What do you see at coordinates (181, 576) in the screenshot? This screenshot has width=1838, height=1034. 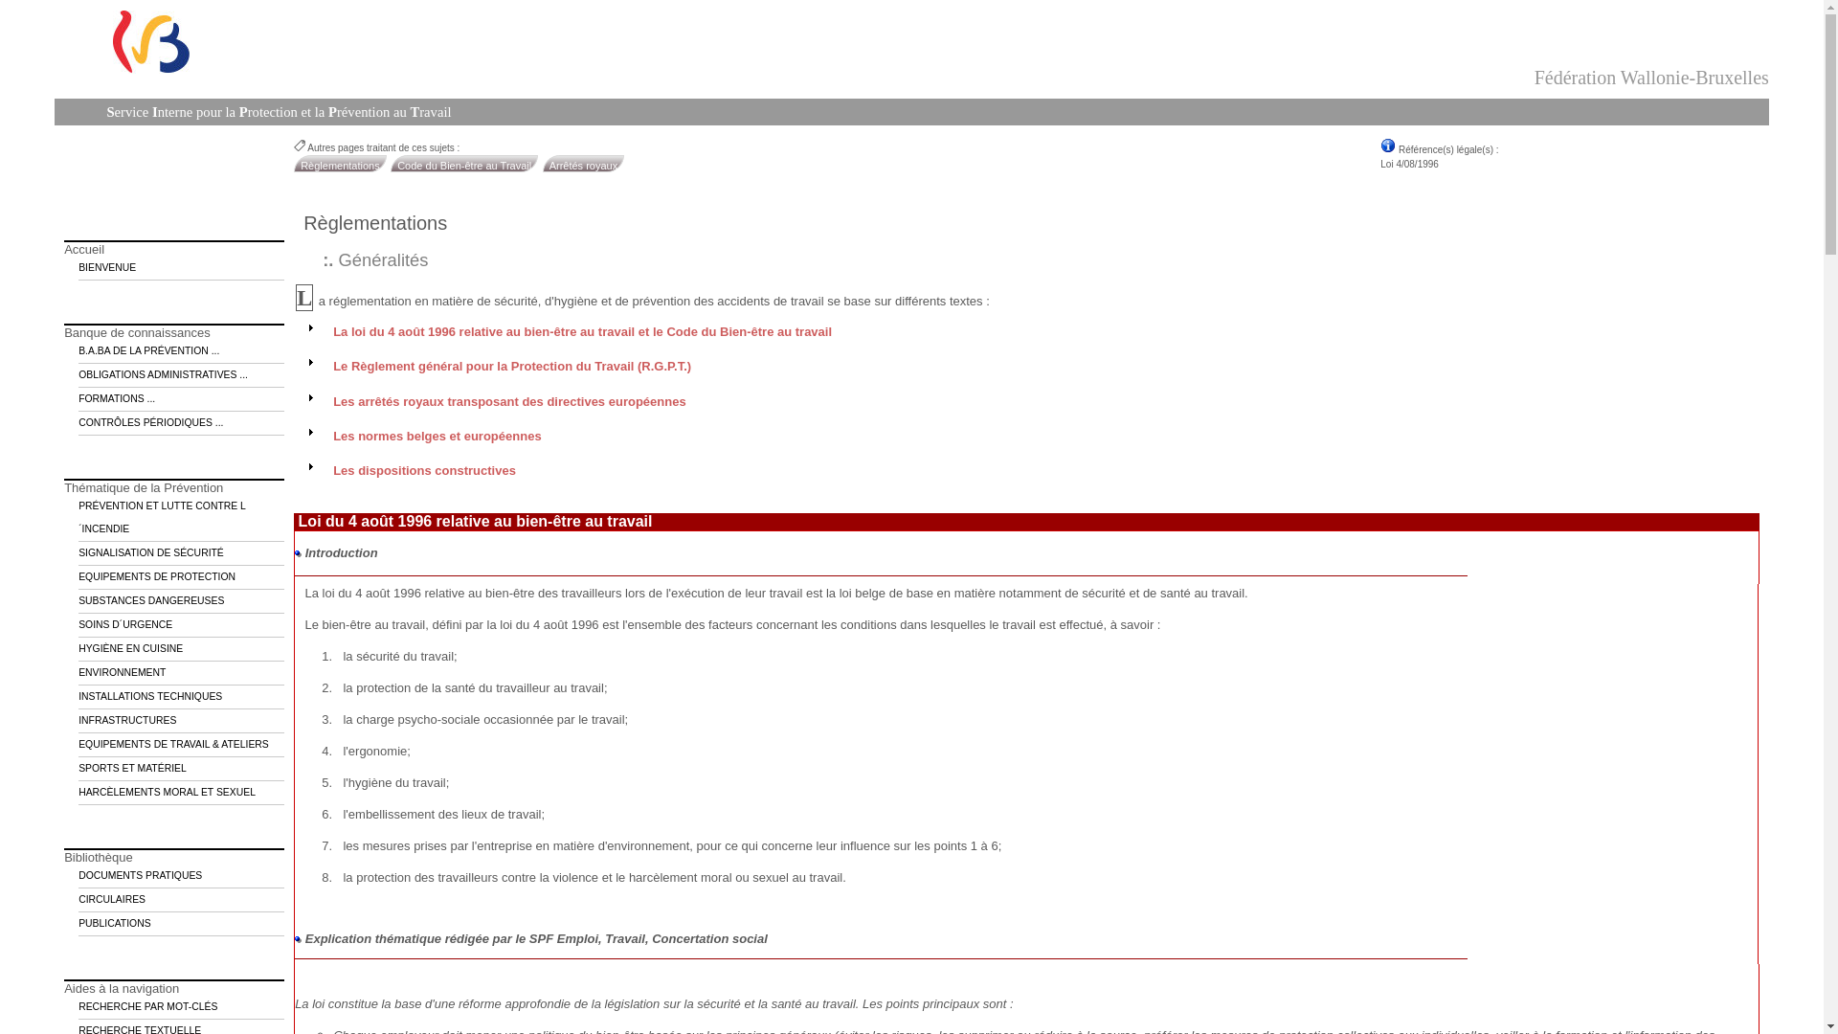 I see `'EQUIPEMENTS DE PROTECTION'` at bounding box center [181, 576].